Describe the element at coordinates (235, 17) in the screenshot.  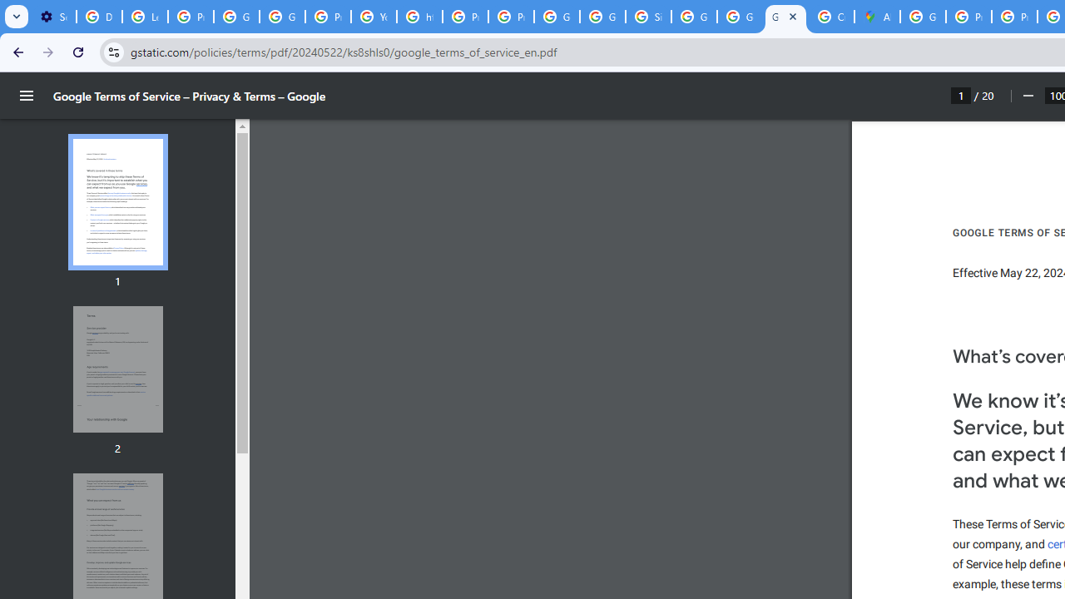
I see `'Google Account Help'` at that location.